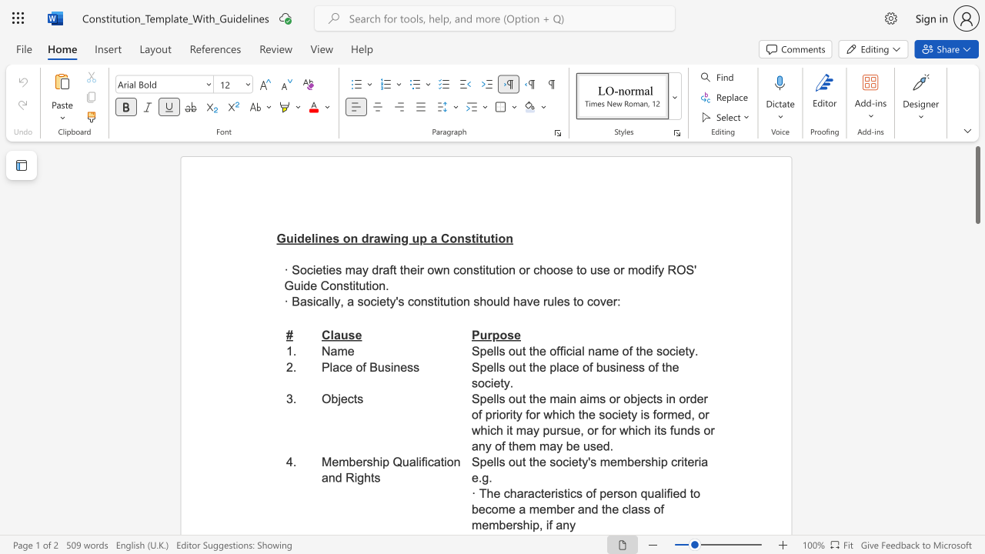 The width and height of the screenshot is (985, 554). I want to click on the scrollbar on the right to shift the page lower, so click(977, 452).